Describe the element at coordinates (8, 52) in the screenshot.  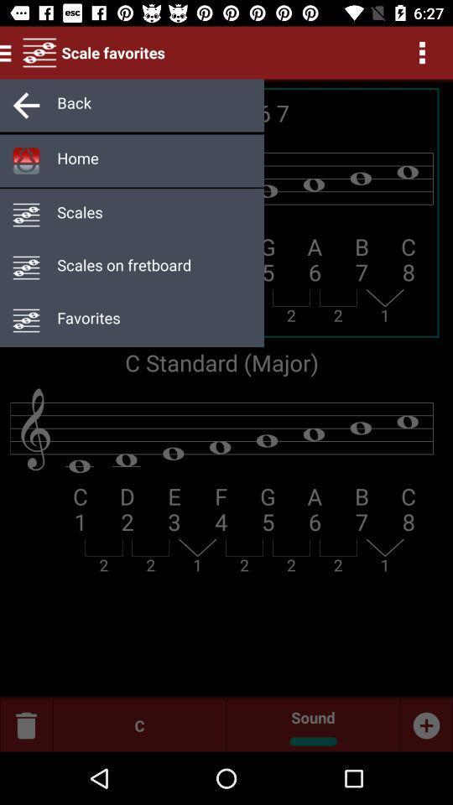
I see `the menu icon` at that location.